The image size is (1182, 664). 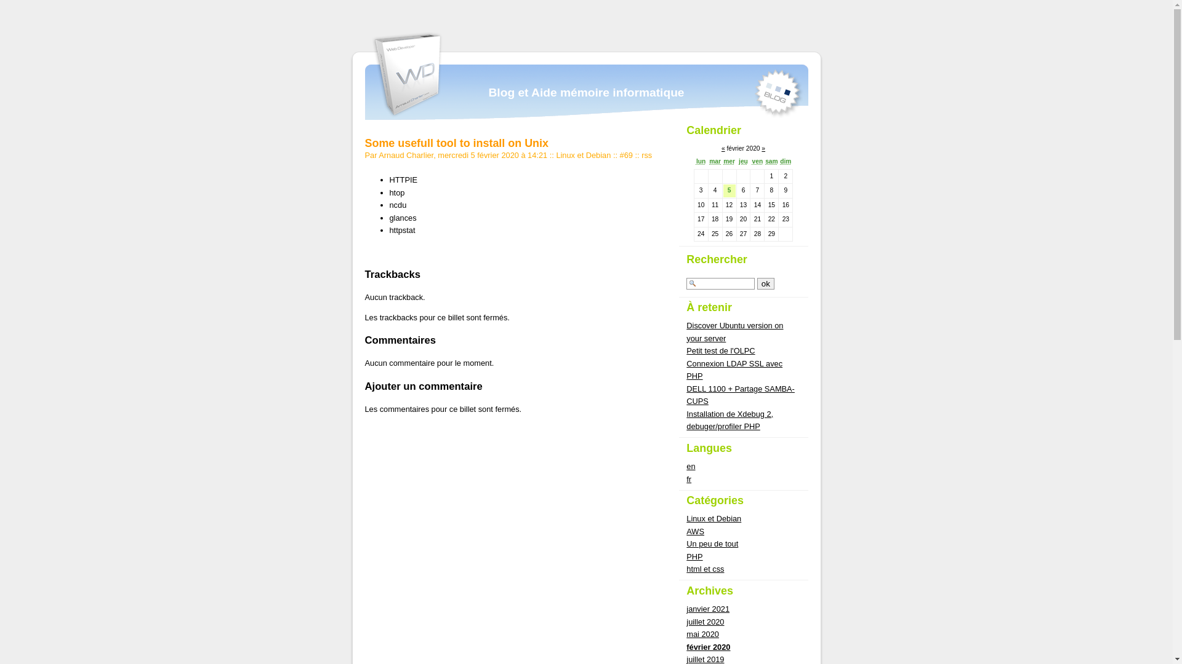 I want to click on 'Linux et Debian', so click(x=685, y=518).